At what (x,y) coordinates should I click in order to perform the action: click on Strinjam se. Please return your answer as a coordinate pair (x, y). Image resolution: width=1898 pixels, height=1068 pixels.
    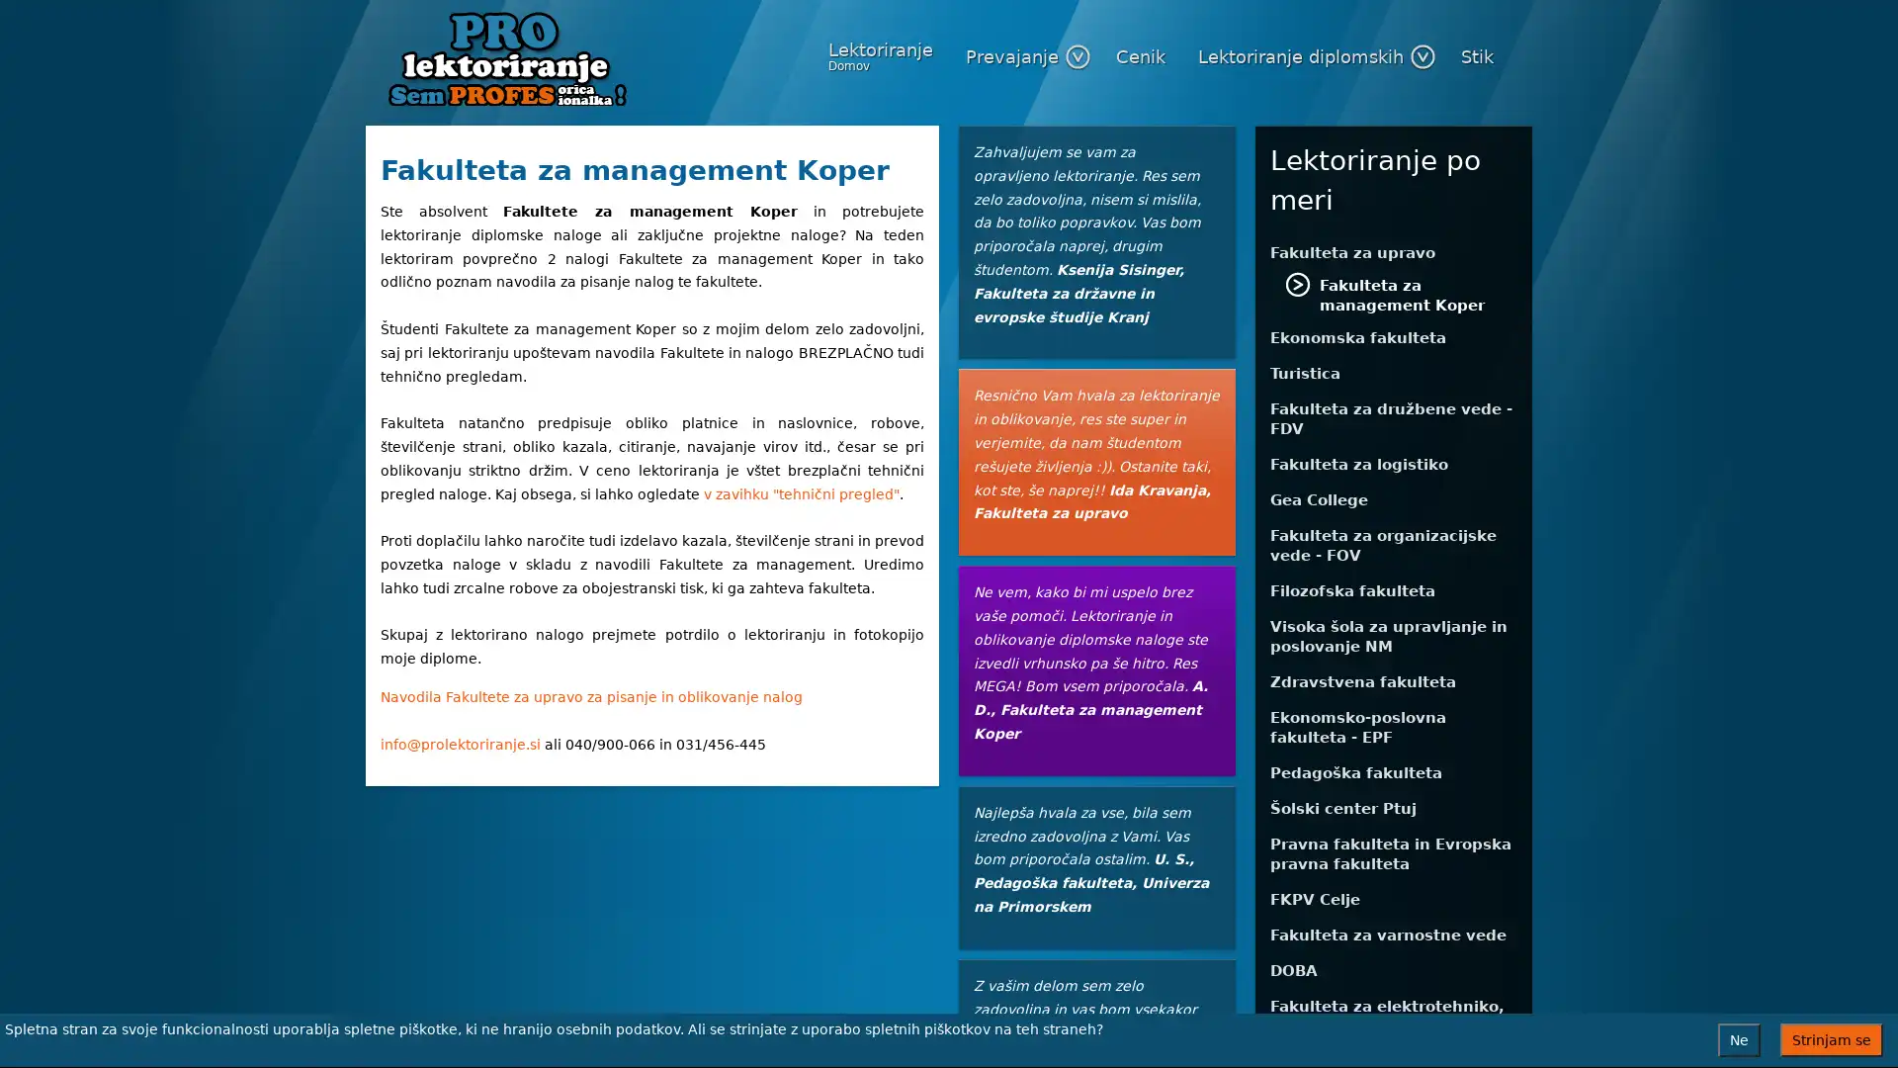
    Looking at the image, I should click on (1830, 1039).